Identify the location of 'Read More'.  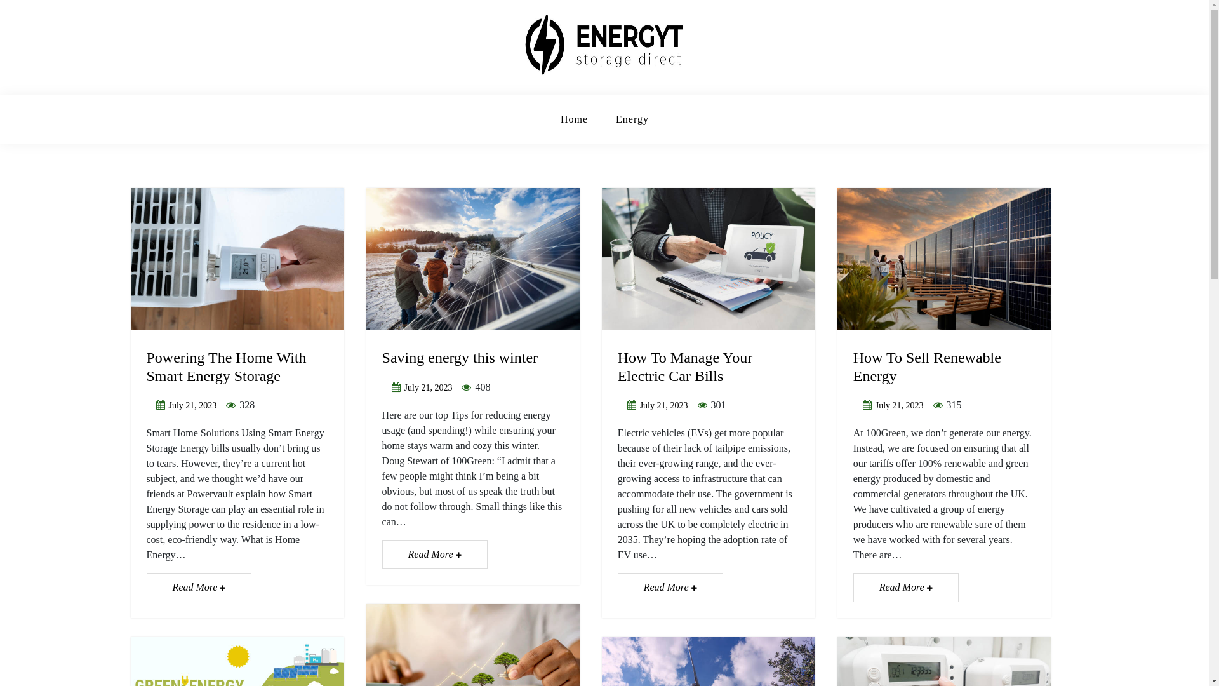
(197, 588).